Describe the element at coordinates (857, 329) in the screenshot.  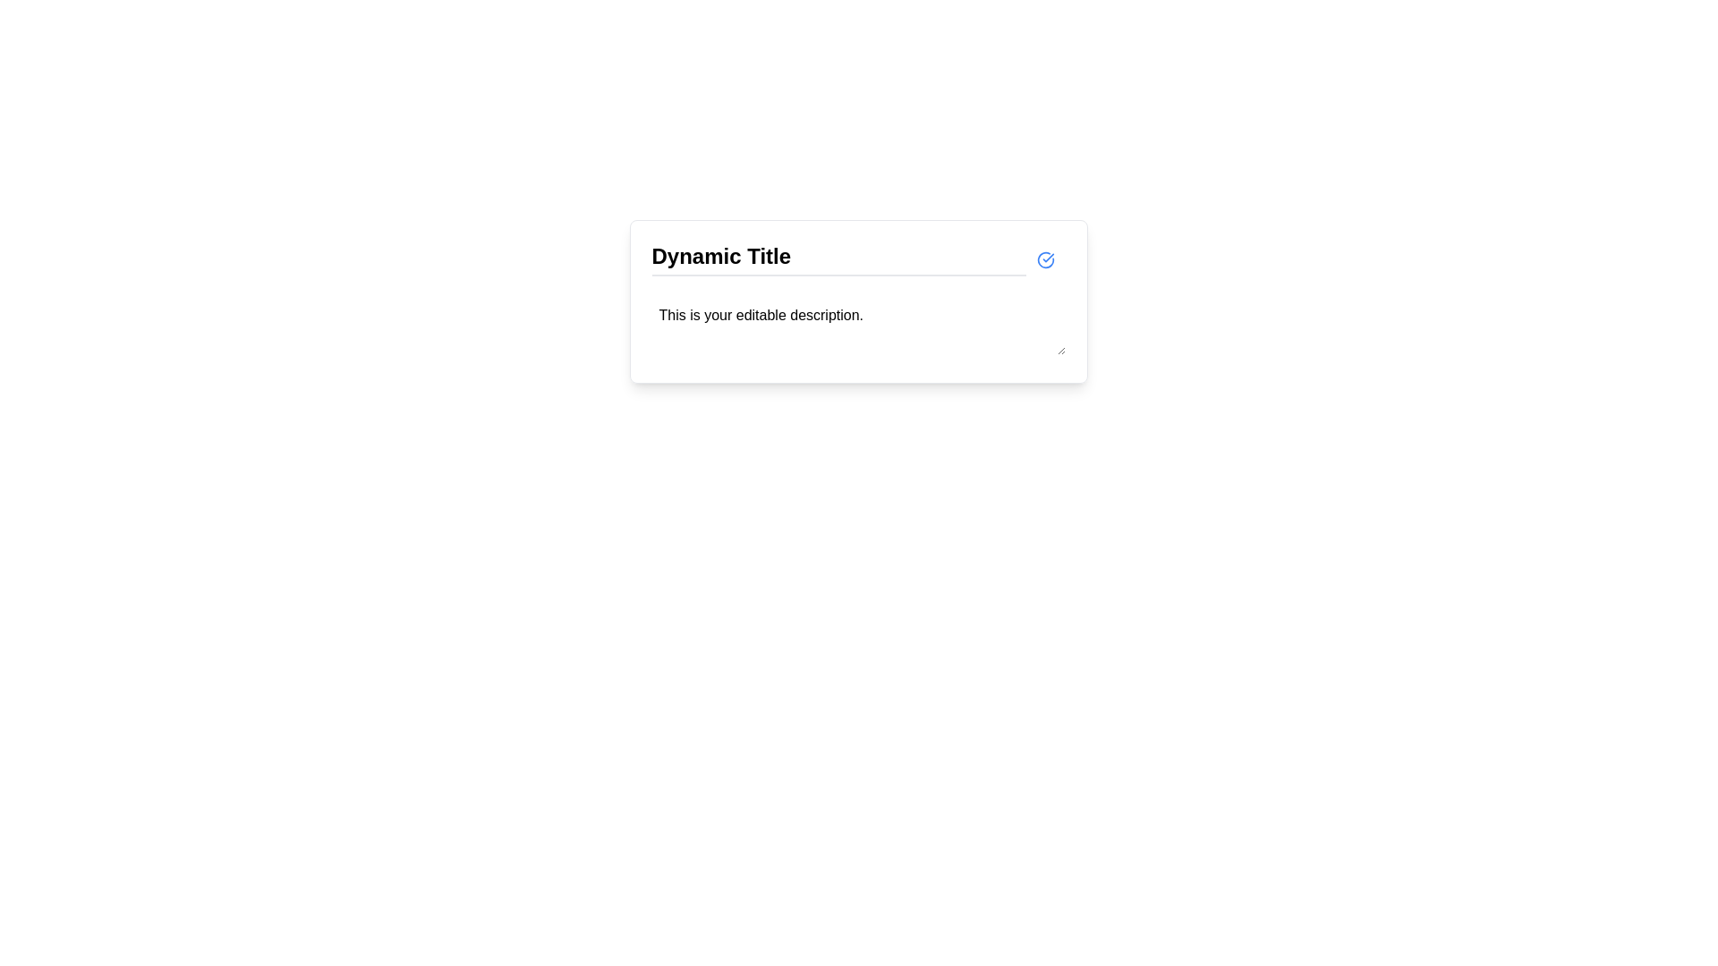
I see `the editable text area that contains the text 'This is your editable description.' positioned below the 'Dynamic Title' header` at that location.